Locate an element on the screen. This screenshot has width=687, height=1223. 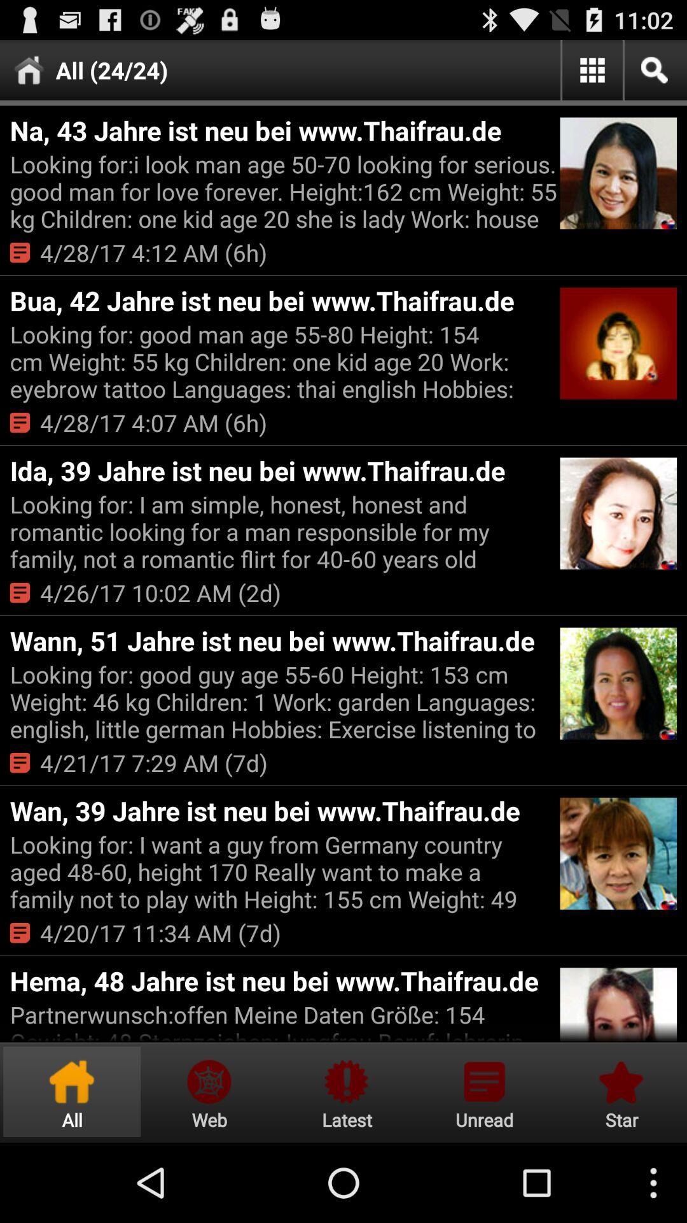
web page is located at coordinates (209, 1091).